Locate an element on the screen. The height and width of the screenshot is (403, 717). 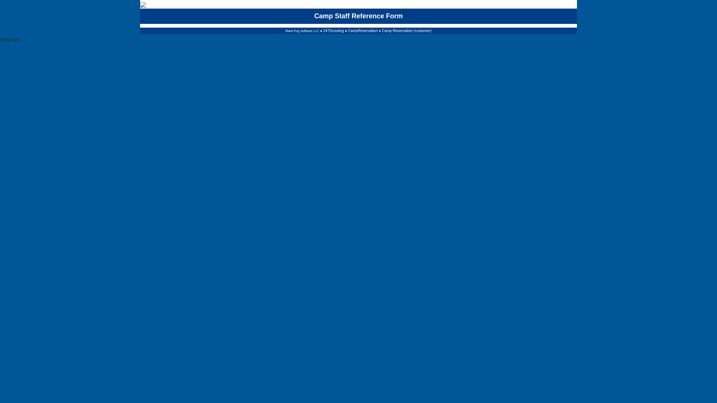
'CampReservation' is located at coordinates (363, 30).